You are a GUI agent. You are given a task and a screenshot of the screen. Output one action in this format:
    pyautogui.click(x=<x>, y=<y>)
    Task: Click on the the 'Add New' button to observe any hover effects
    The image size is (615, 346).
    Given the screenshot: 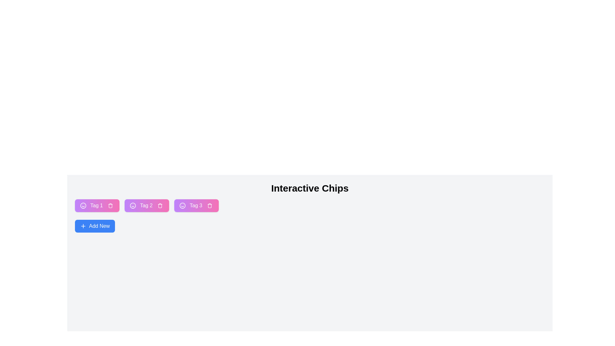 What is the action you would take?
    pyautogui.click(x=94, y=226)
    